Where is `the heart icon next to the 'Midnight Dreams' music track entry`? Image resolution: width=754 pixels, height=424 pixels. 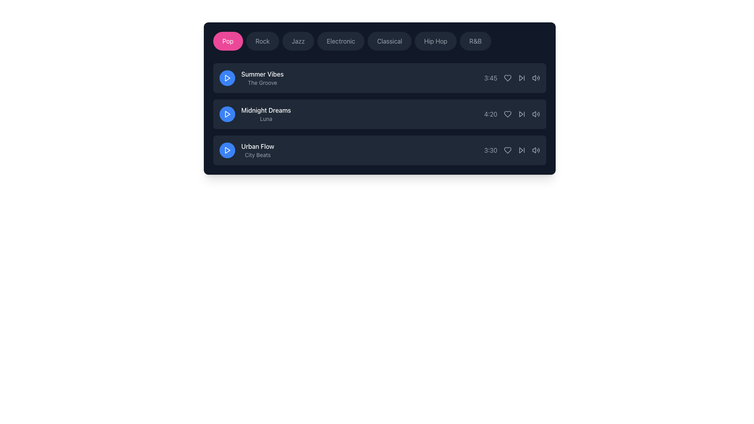
the heart icon next to the 'Midnight Dreams' music track entry is located at coordinates (507, 114).